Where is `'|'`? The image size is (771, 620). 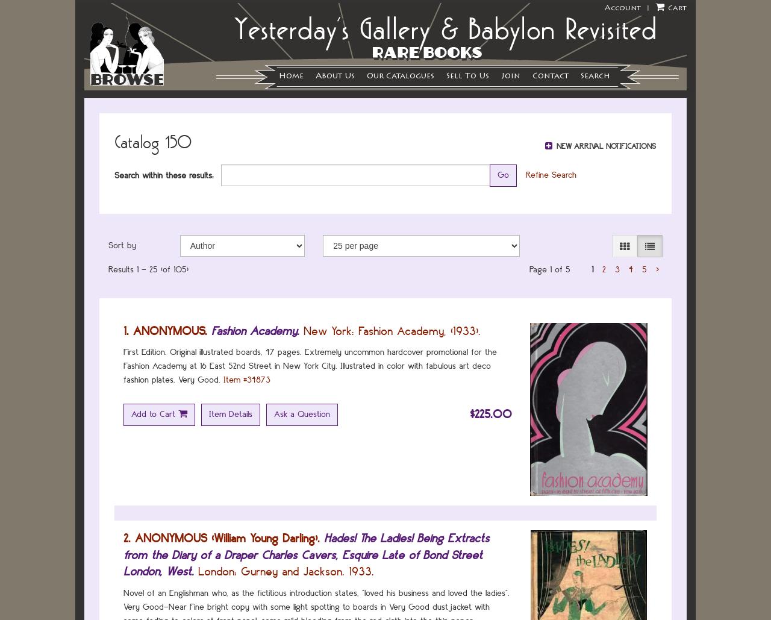 '|' is located at coordinates (647, 8).